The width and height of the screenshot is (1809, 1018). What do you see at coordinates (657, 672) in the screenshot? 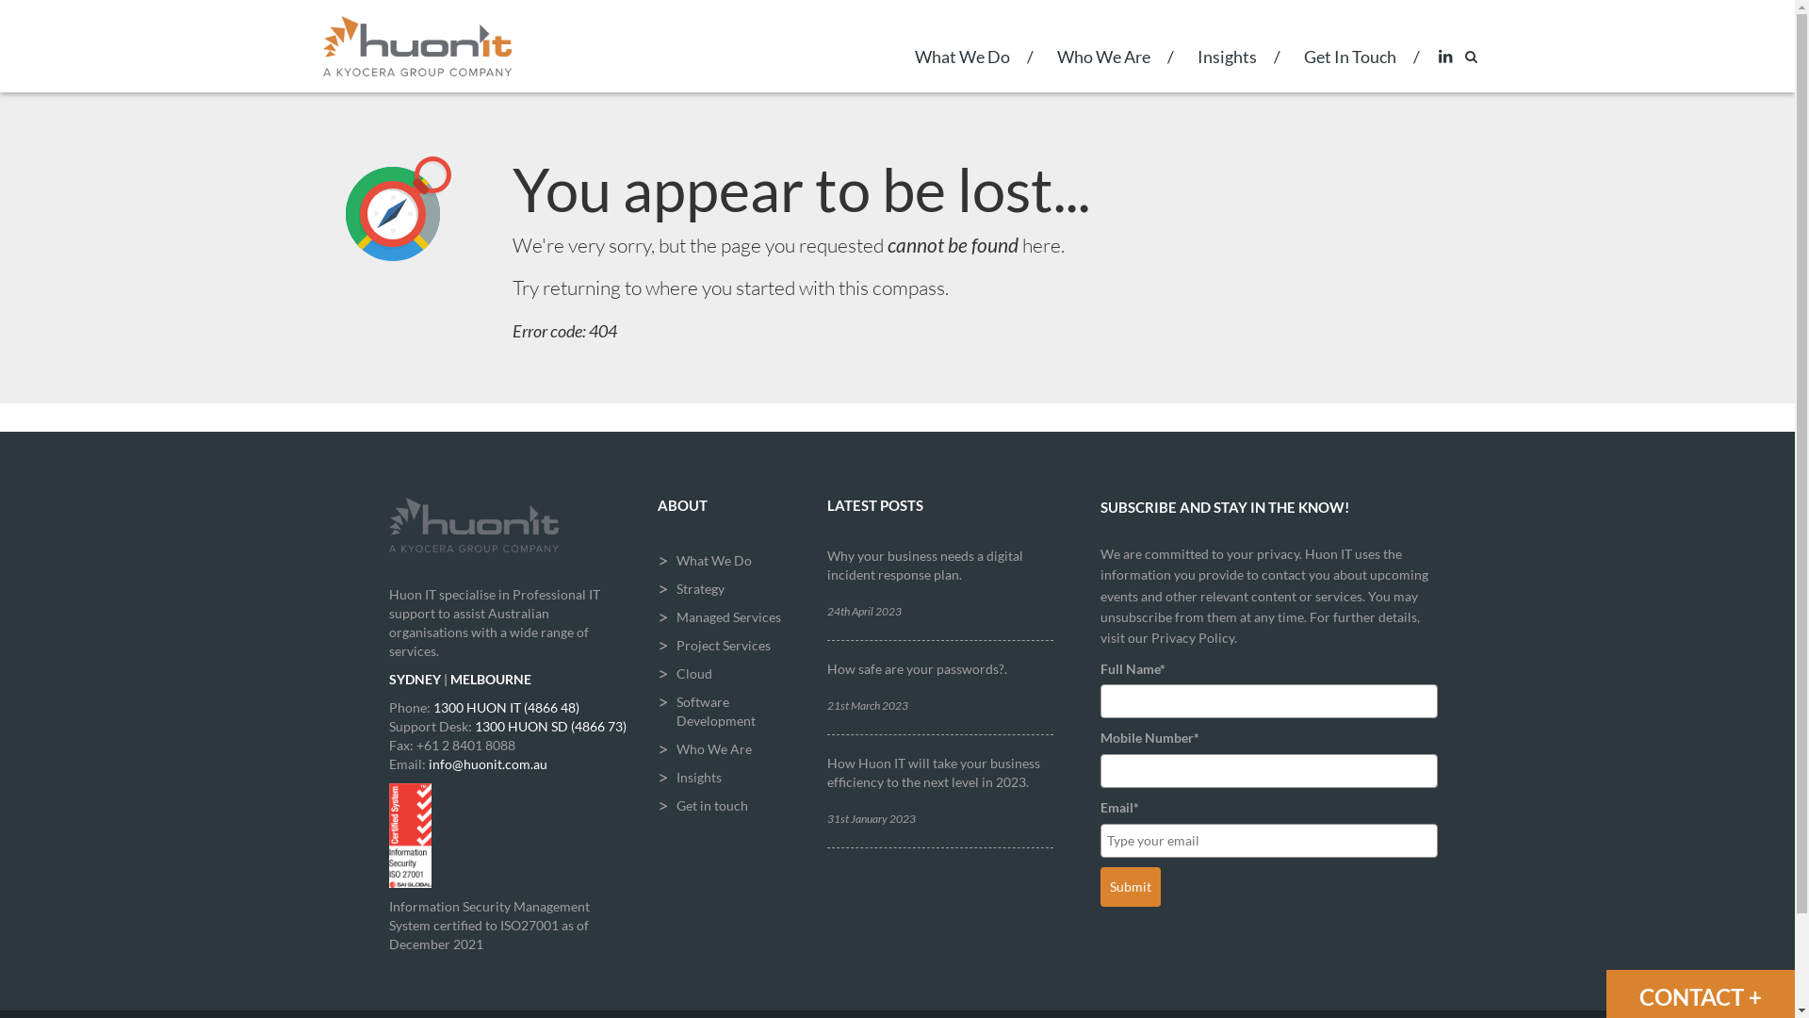
I see `'Cloud'` at bounding box center [657, 672].